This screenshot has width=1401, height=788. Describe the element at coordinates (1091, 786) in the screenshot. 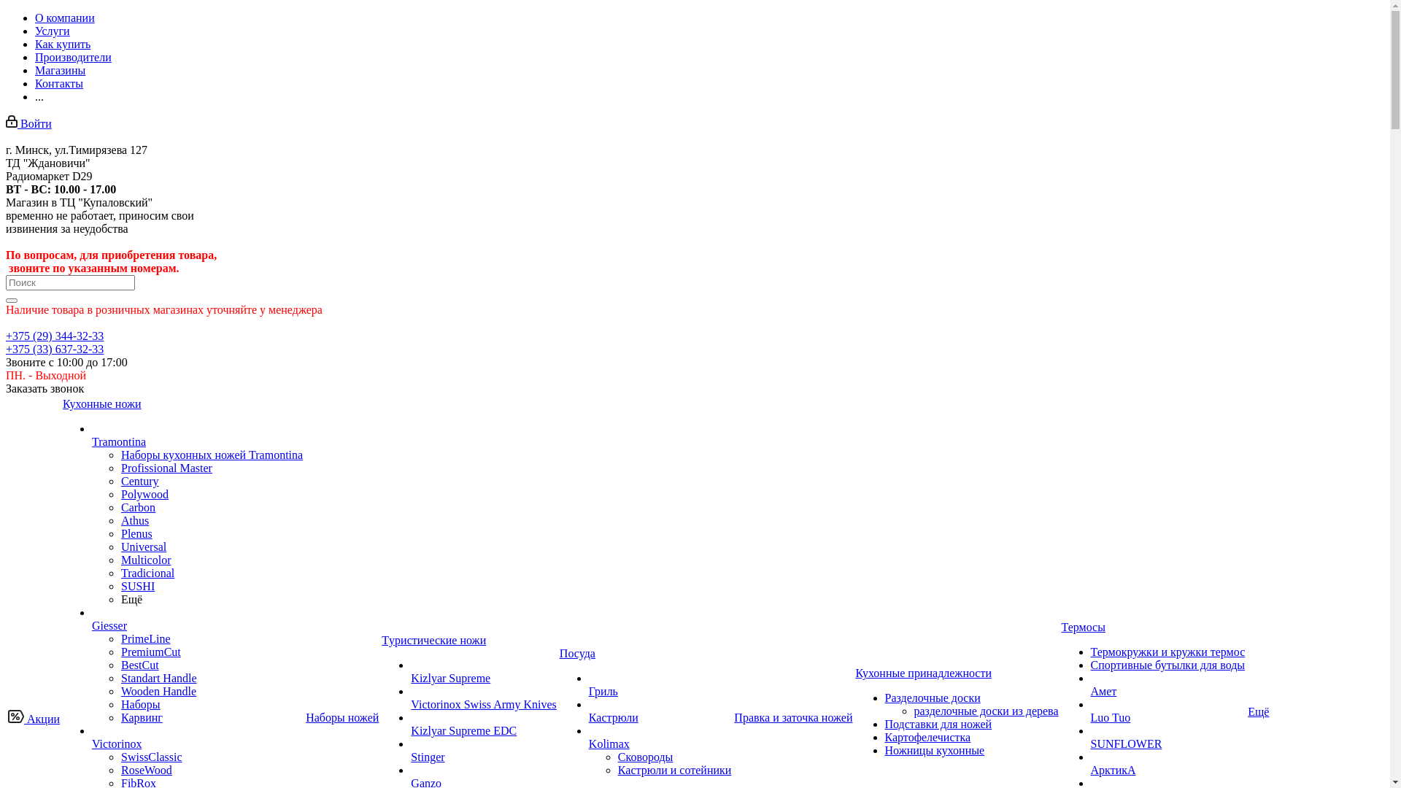

I see `'BioStal'` at that location.